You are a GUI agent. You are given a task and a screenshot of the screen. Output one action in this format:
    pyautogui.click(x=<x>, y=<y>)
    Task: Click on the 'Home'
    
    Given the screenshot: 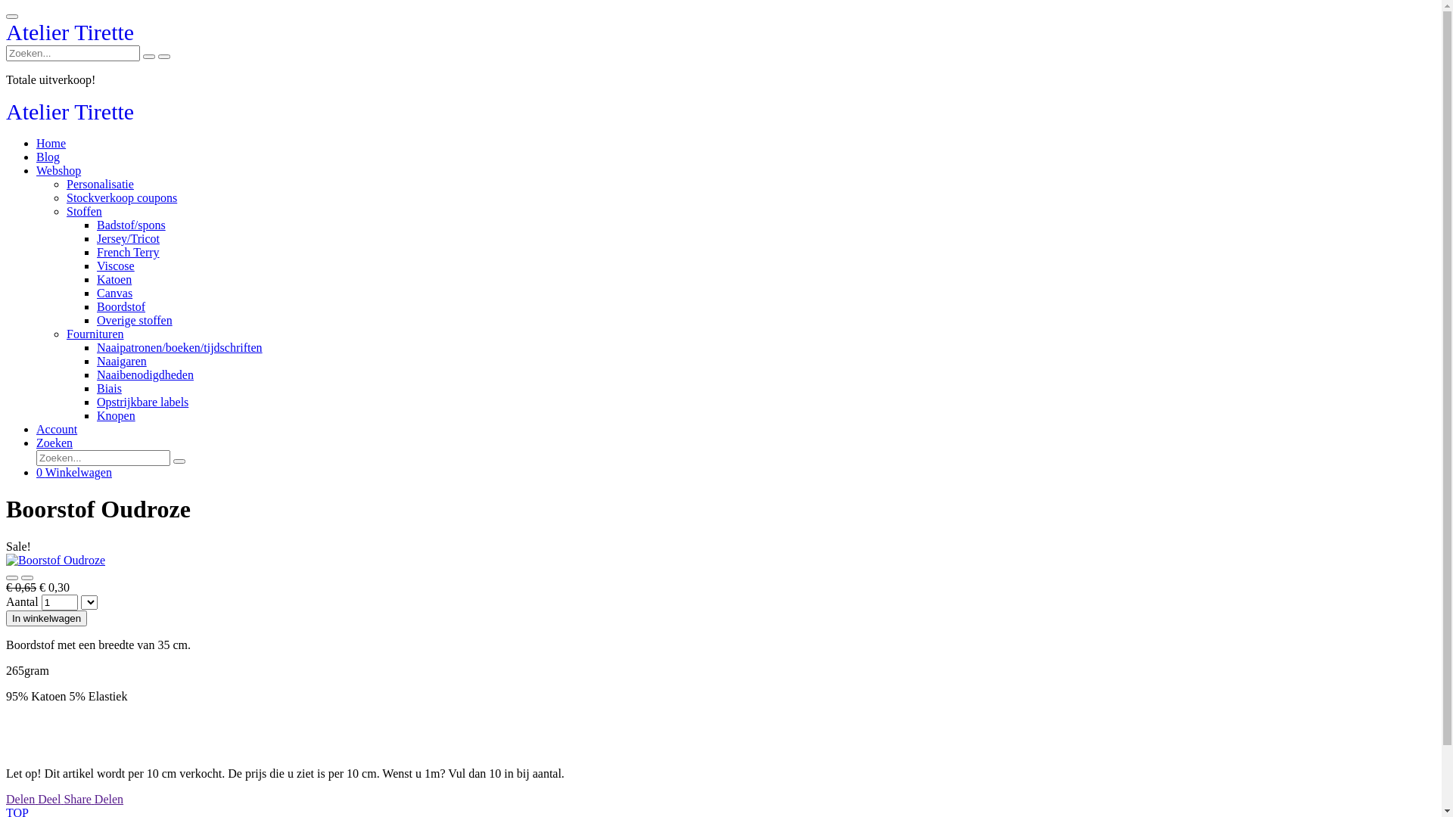 What is the action you would take?
    pyautogui.click(x=51, y=143)
    